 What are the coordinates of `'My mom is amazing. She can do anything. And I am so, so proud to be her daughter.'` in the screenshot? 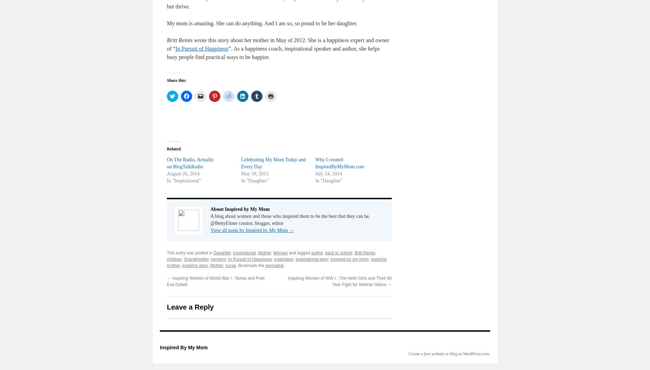 It's located at (167, 23).